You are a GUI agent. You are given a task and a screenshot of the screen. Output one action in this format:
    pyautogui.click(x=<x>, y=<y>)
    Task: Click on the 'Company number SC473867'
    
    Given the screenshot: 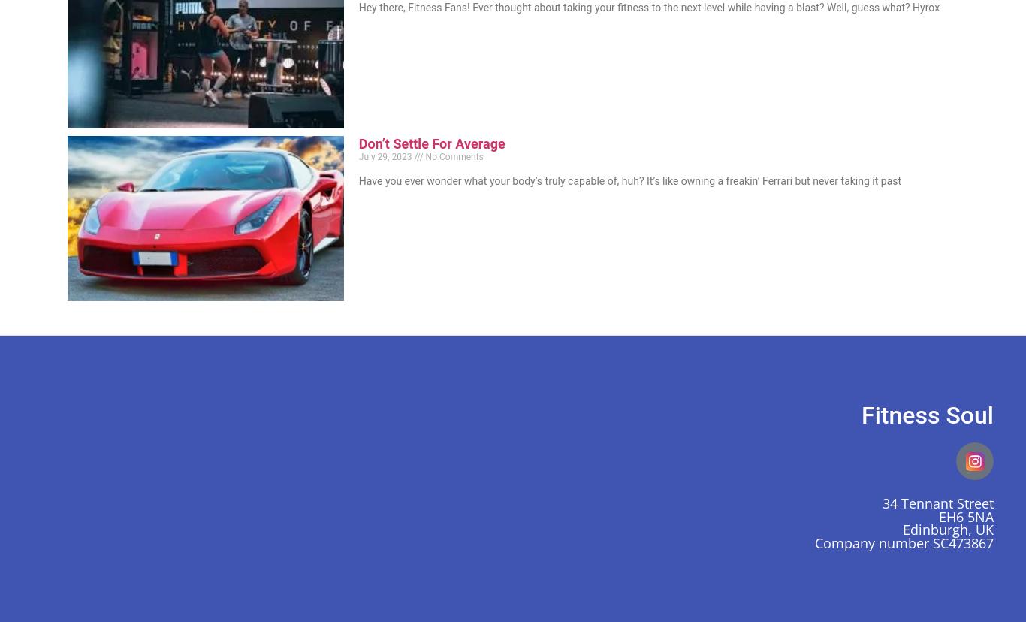 What is the action you would take?
    pyautogui.click(x=904, y=542)
    